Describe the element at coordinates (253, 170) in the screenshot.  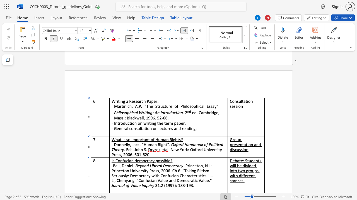
I see `the 2th character "u" in the text` at that location.